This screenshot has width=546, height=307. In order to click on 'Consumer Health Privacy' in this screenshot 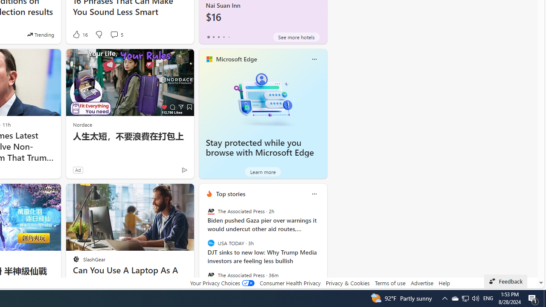, I will do `click(290, 283)`.